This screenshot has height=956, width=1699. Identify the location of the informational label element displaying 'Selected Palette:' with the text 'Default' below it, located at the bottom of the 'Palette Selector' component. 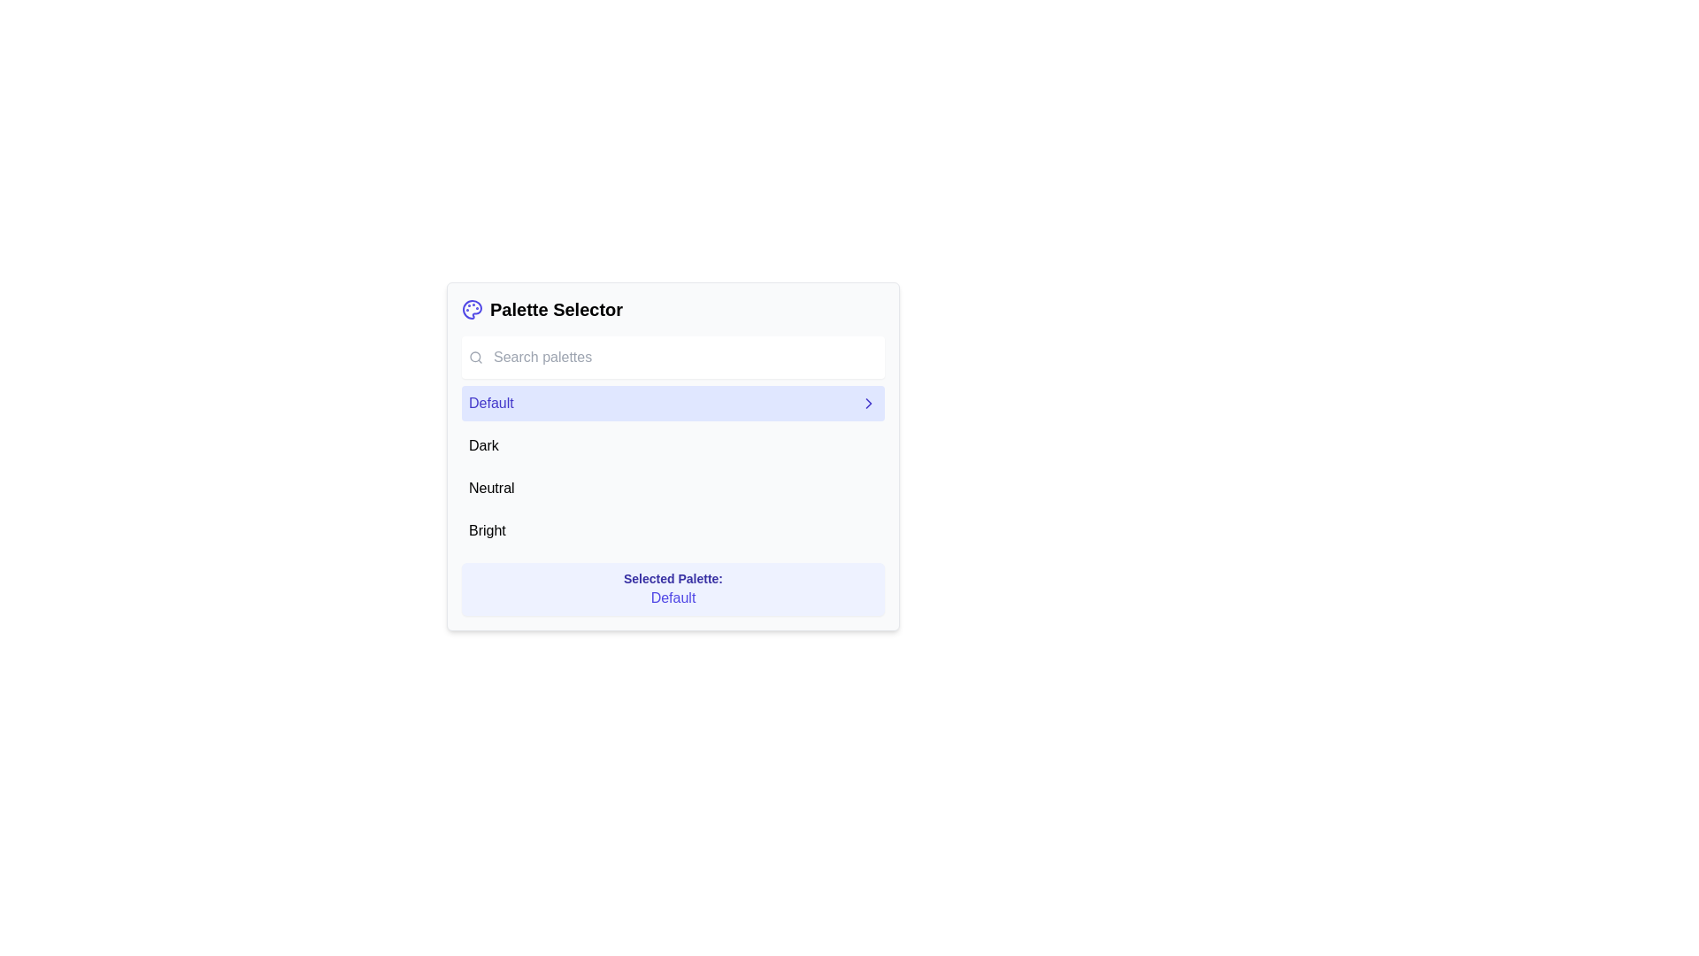
(673, 590).